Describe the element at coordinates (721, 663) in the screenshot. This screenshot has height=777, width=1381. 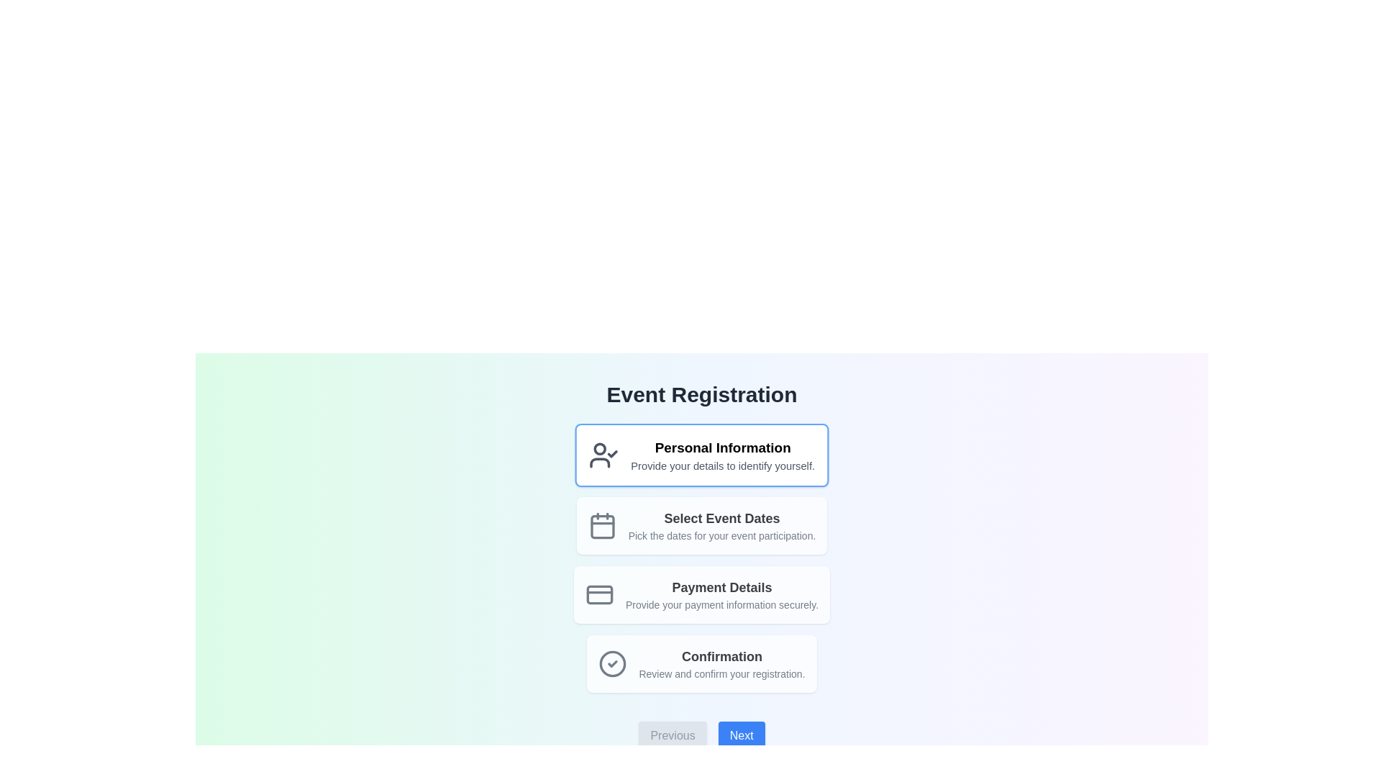
I see `the text block containing the title 'Confirmation' and subtitle 'Review and confirm your registration.', which is the fourth card in a vertical stack of cards` at that location.